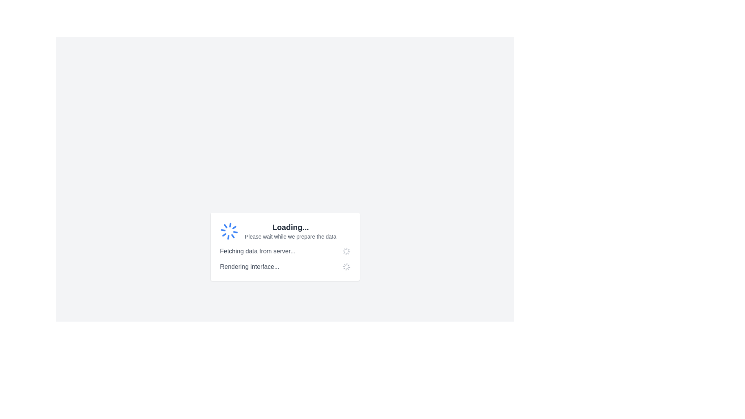  I want to click on the text label displaying 'Please wait while we prepare the data.', so click(290, 236).